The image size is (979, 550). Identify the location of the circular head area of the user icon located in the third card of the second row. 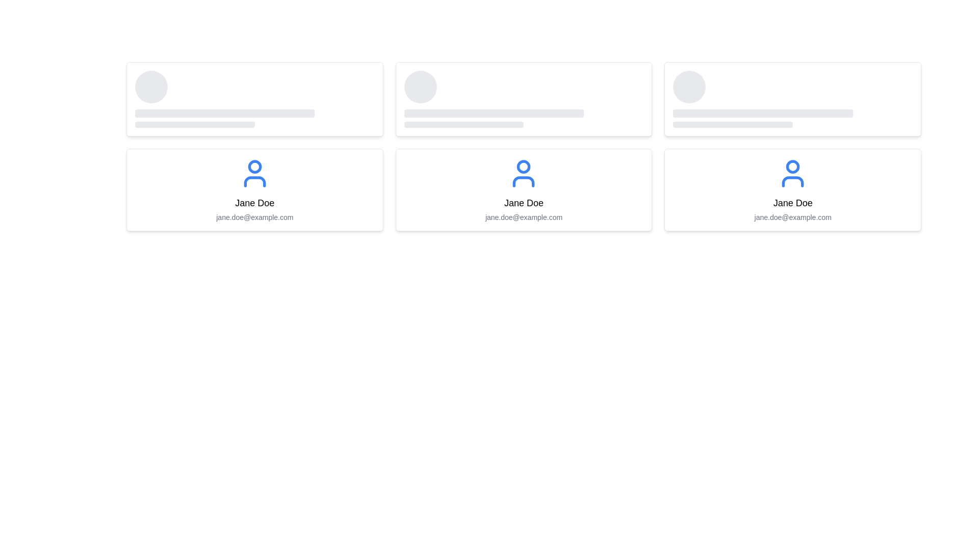
(792, 166).